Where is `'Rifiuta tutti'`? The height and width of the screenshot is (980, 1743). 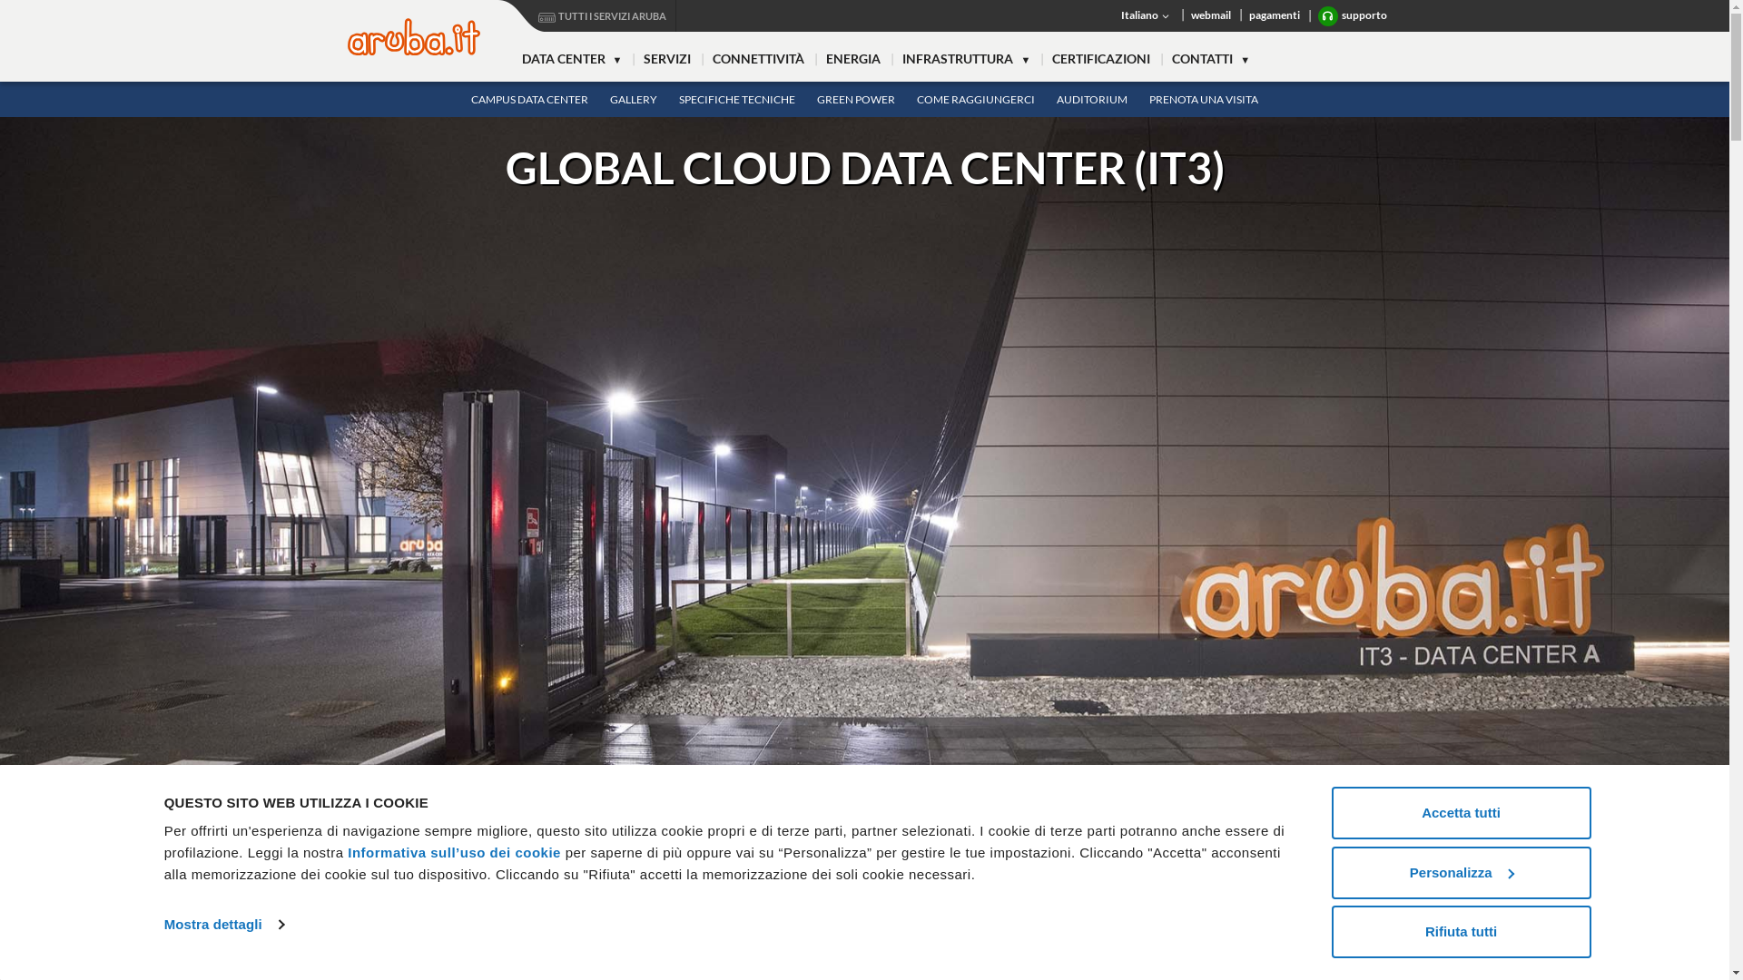 'Rifiuta tutti' is located at coordinates (1460, 931).